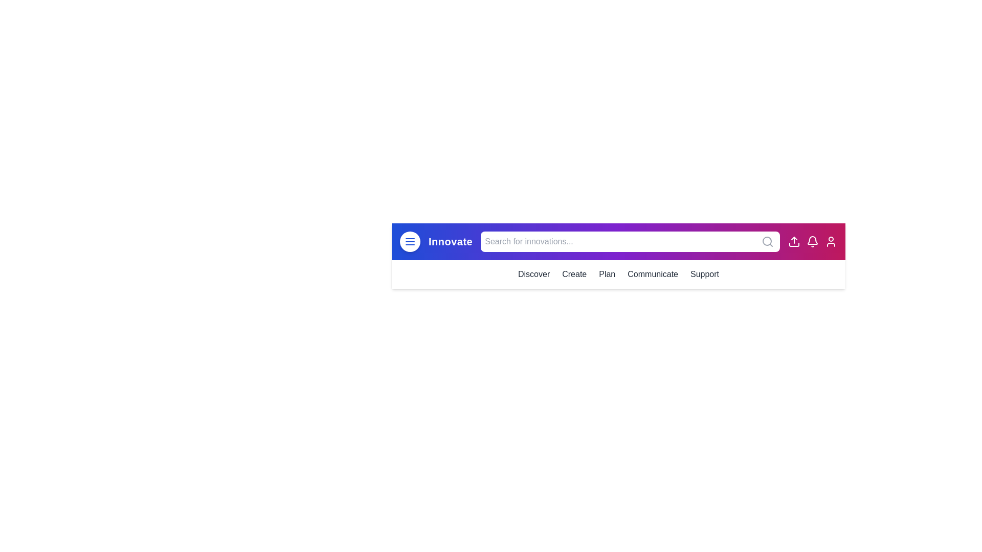  What do you see at coordinates (812, 242) in the screenshot?
I see `the notifications icon in the InnovateAppBar` at bounding box center [812, 242].